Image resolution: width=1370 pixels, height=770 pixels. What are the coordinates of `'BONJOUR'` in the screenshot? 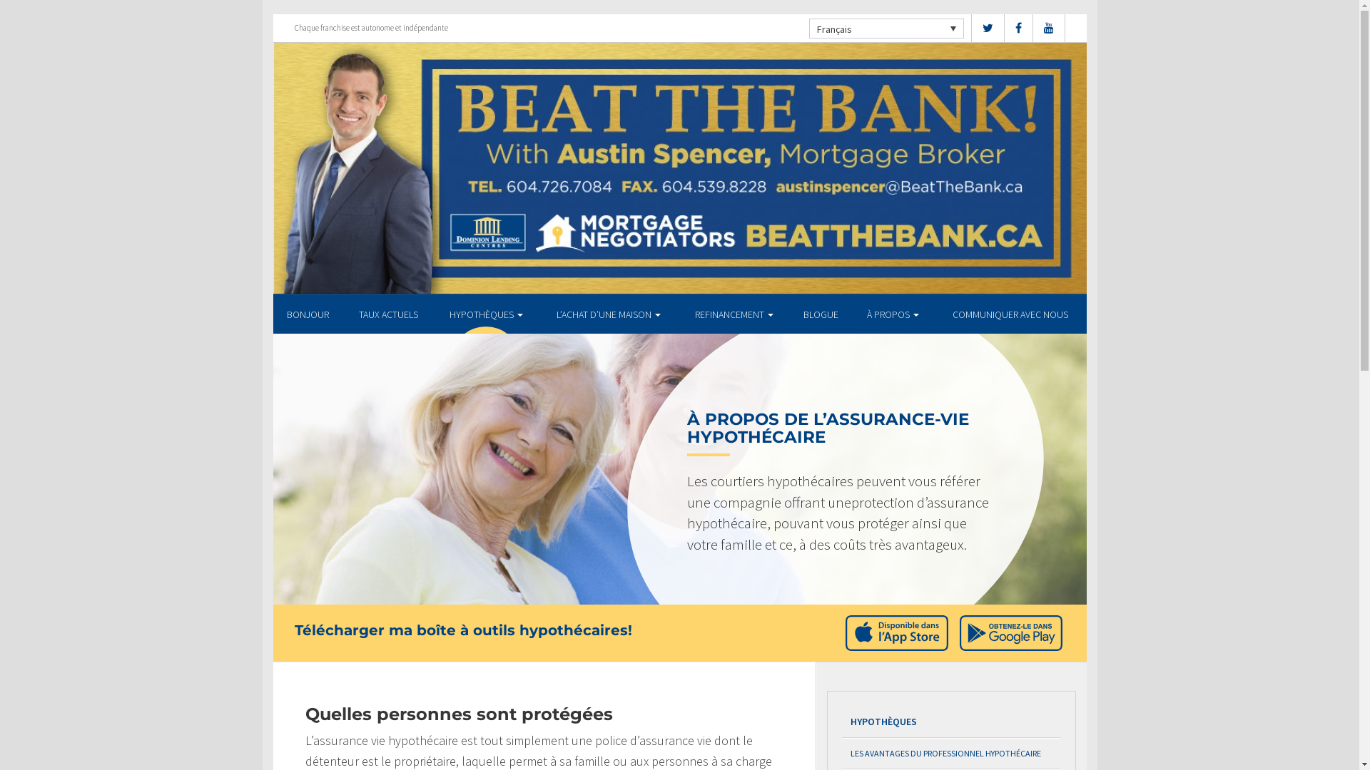 It's located at (307, 313).